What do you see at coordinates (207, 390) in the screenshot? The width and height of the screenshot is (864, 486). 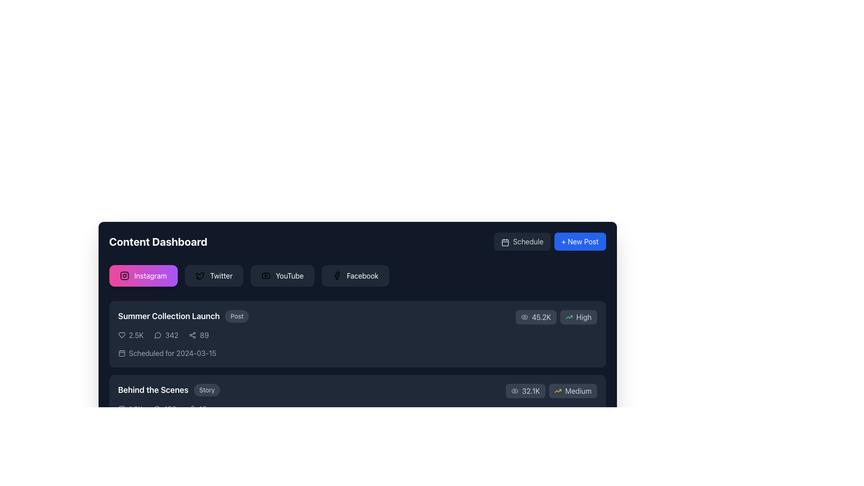 I see `the chip-like tag element with the white text 'Story', which is located on the right side of the sibling element containing the text 'Behind the Scenes'` at bounding box center [207, 390].